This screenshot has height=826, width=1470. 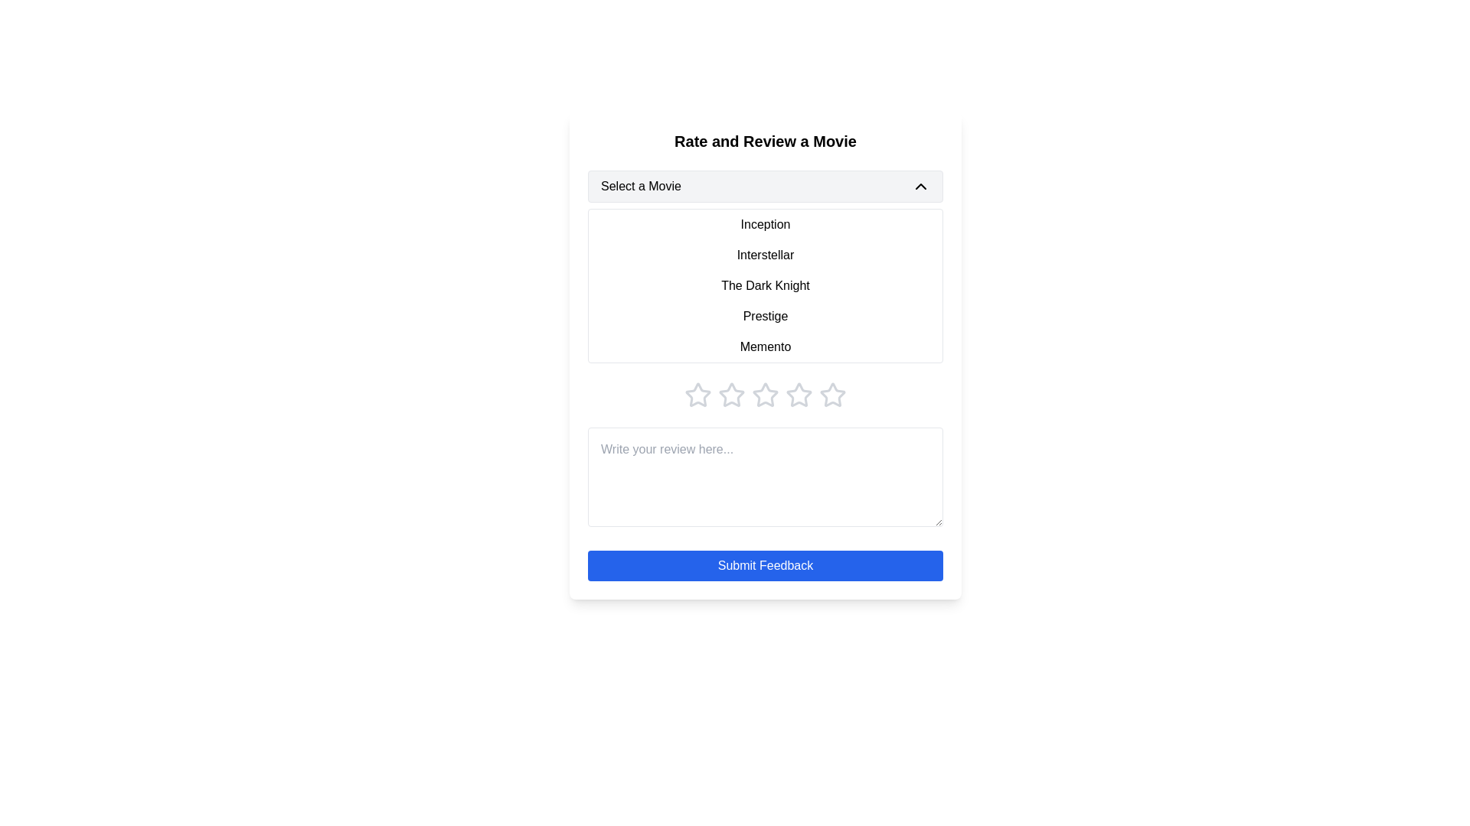 I want to click on the third gray star icon in the rating area of the 'Rate and Review a Movie' section, so click(x=765, y=394).